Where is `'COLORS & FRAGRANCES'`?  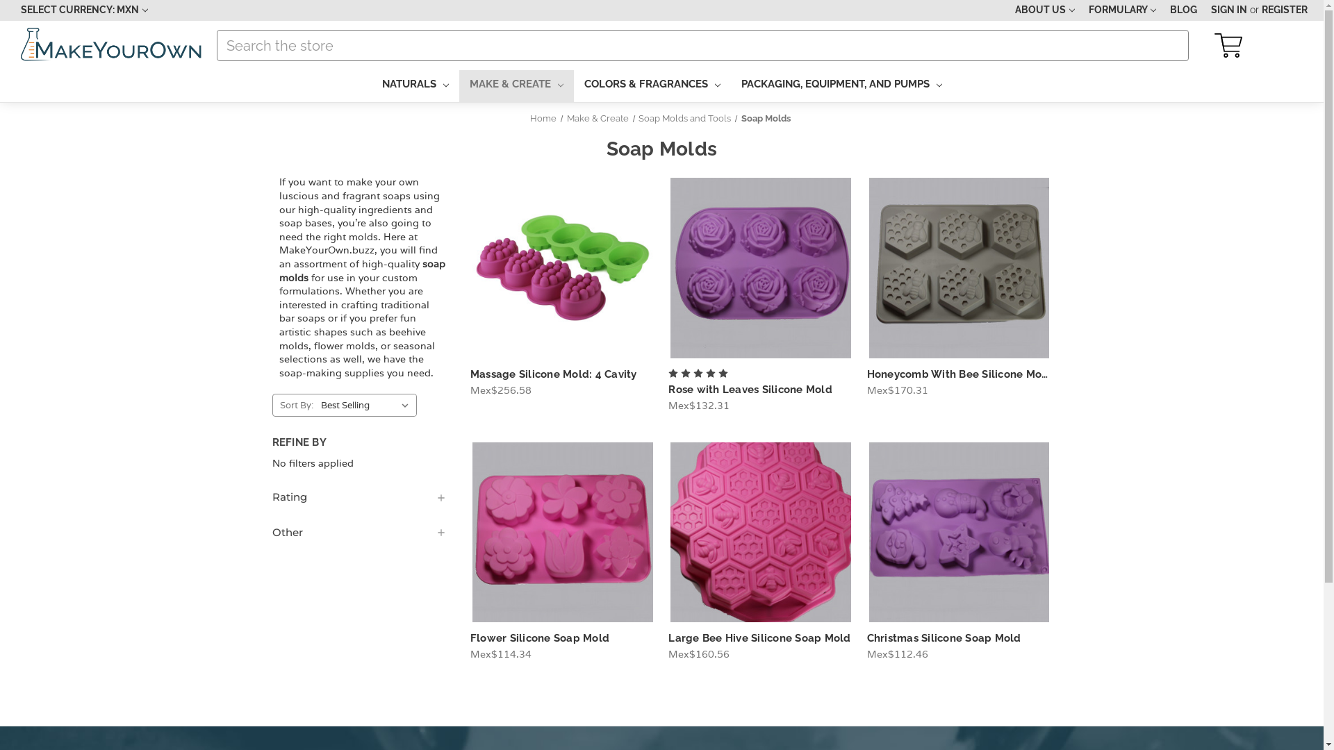
'COLORS & FRAGRANCES' is located at coordinates (652, 85).